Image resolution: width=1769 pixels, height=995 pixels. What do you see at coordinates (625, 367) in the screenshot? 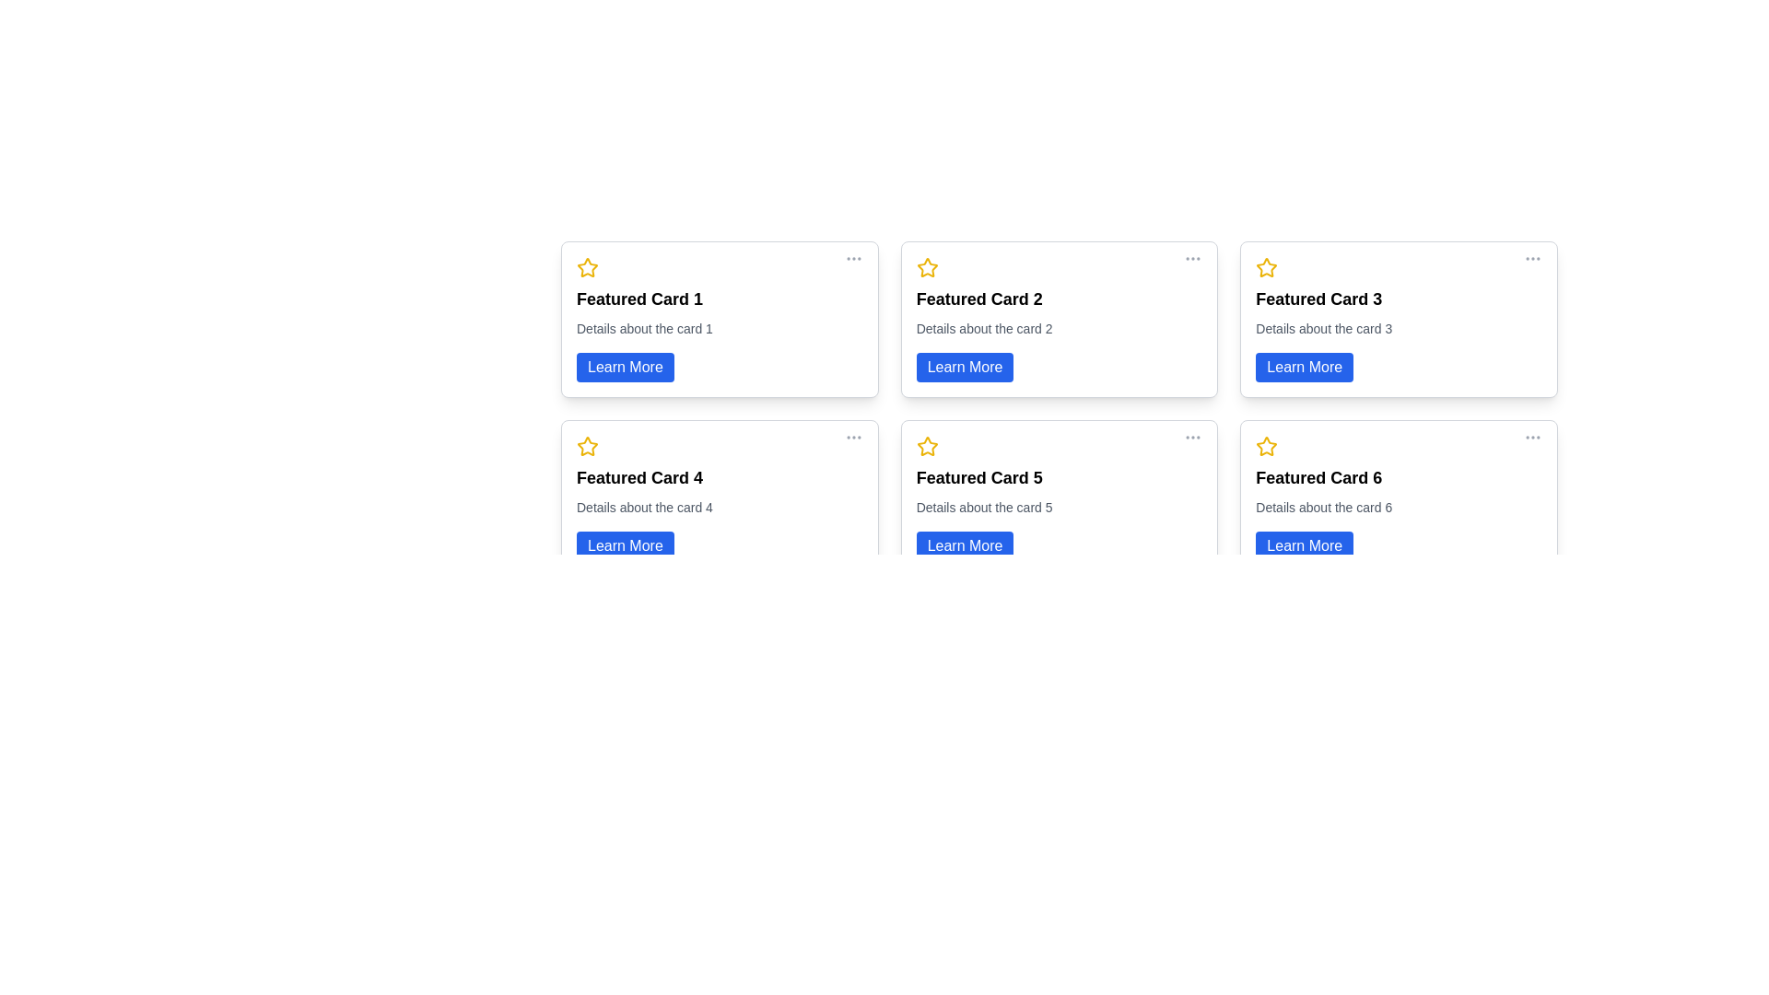
I see `the button located at the bottom of 'Featured Card 1' to change its background color` at bounding box center [625, 367].